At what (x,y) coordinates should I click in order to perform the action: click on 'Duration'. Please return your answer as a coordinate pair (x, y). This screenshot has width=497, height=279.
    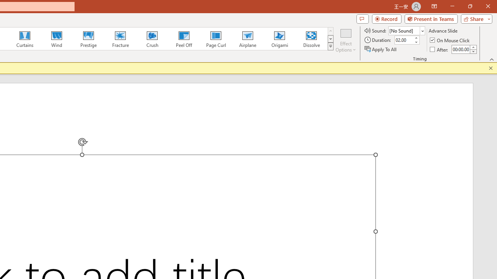
    Looking at the image, I should click on (404, 40).